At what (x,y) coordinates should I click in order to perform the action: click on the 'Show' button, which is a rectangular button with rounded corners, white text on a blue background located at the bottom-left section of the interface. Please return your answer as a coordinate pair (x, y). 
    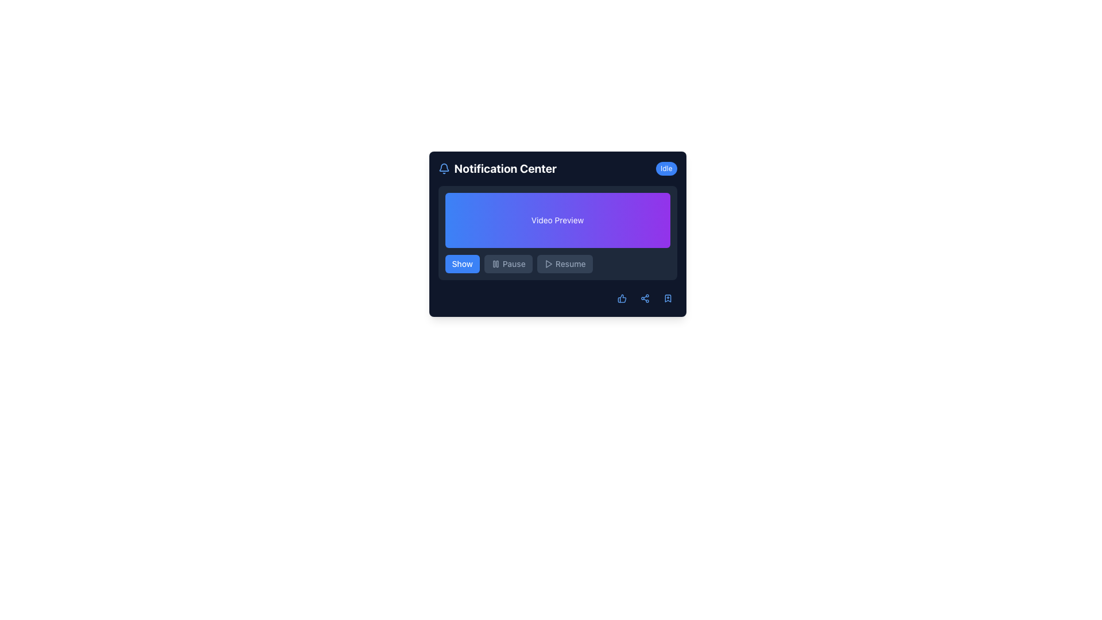
    Looking at the image, I should click on (462, 263).